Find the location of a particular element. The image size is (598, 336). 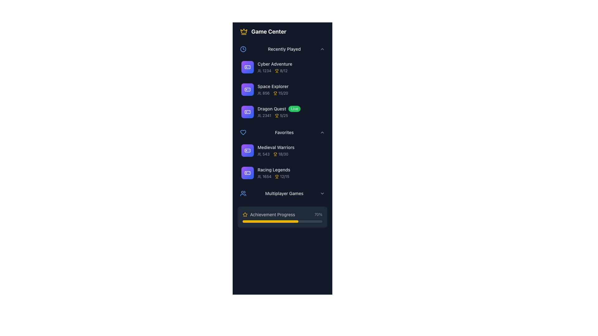

value '70%' displayed in gray color to the right of the progress bar labeled 'Achievement Progress' is located at coordinates (318, 214).